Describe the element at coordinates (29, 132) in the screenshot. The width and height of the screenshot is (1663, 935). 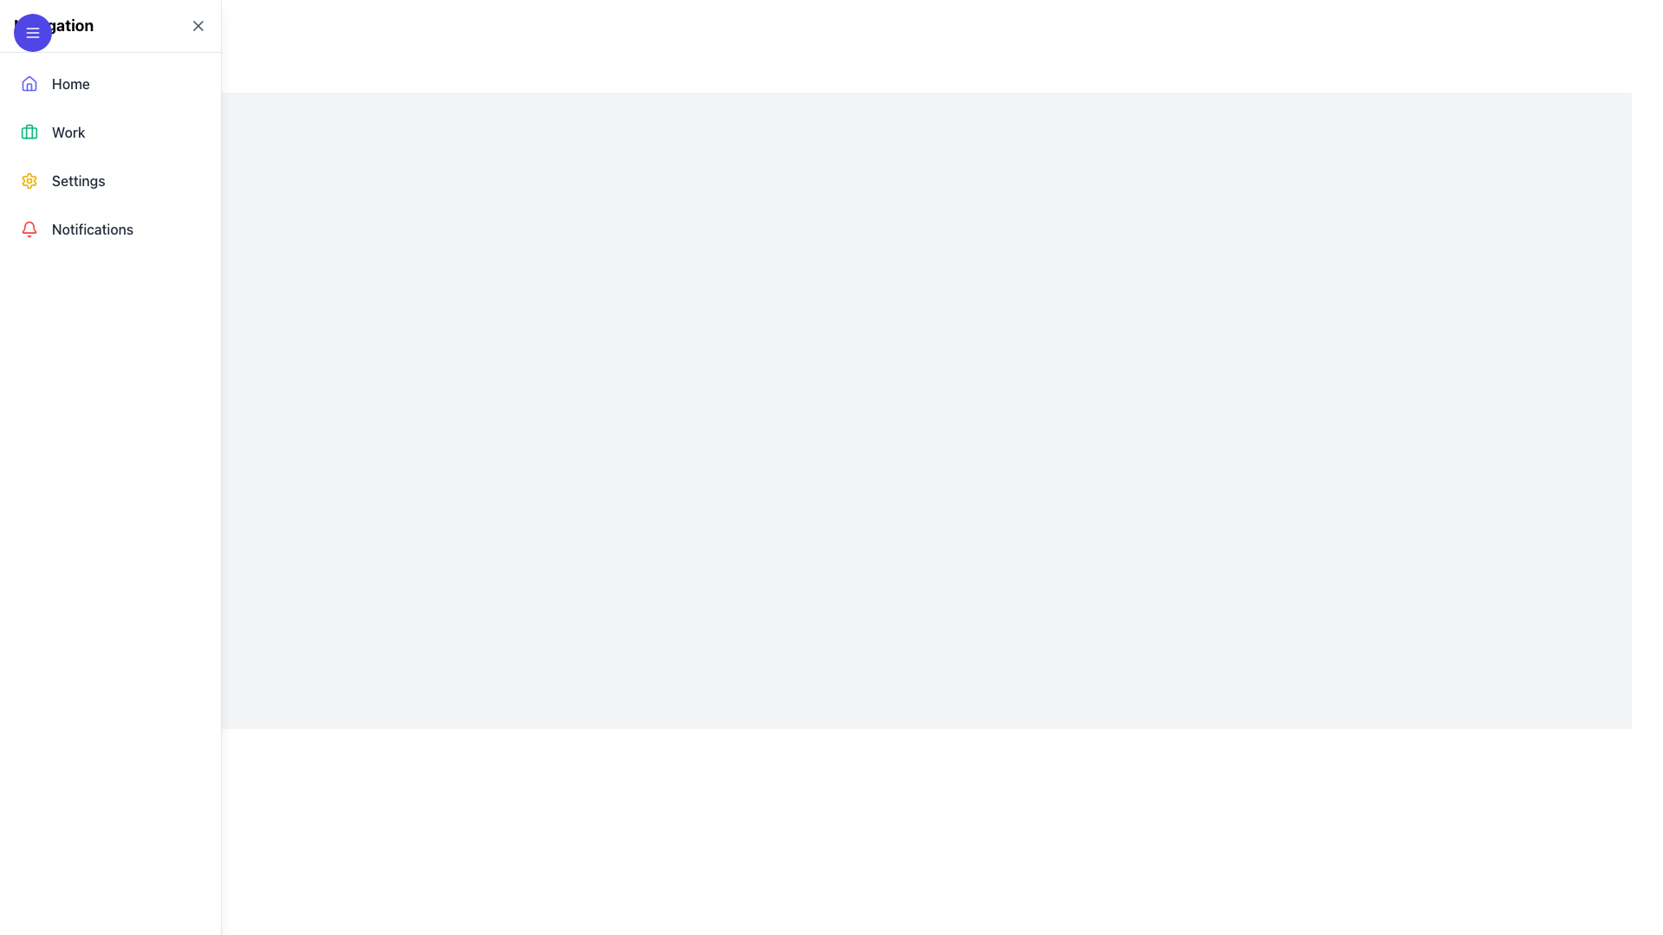
I see `the 'Work' menu icon, which represents the menu item for navigating` at that location.